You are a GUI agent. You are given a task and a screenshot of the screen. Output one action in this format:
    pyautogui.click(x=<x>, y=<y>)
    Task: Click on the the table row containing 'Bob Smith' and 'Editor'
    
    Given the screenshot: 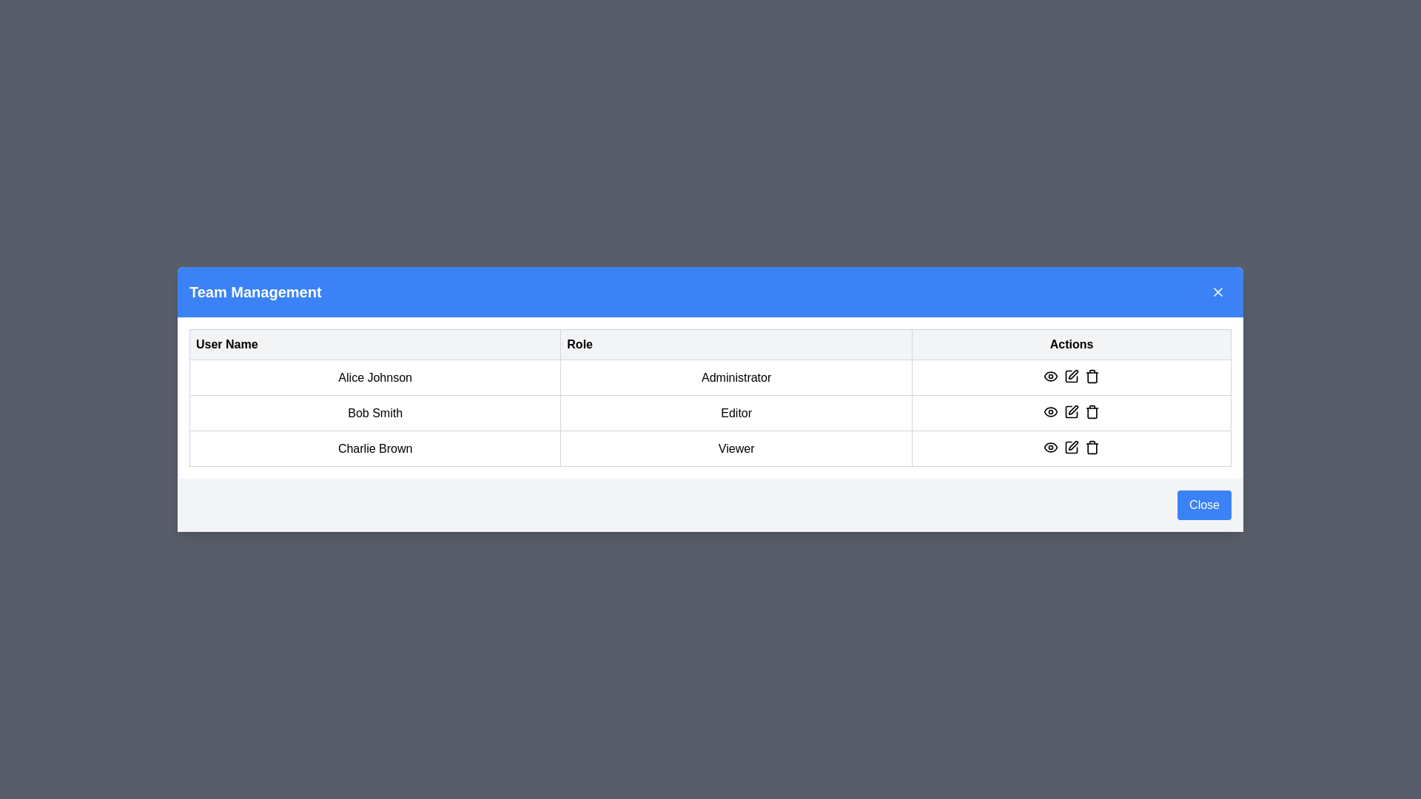 What is the action you would take?
    pyautogui.click(x=710, y=413)
    